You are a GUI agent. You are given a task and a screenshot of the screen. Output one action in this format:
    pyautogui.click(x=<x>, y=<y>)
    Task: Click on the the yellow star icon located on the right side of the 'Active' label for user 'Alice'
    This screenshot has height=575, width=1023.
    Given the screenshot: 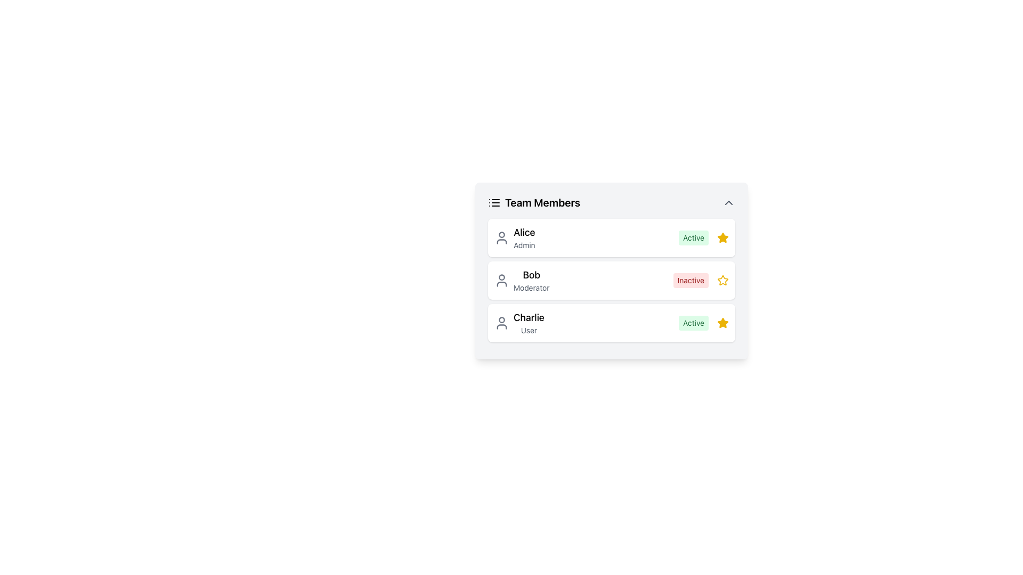 What is the action you would take?
    pyautogui.click(x=723, y=237)
    